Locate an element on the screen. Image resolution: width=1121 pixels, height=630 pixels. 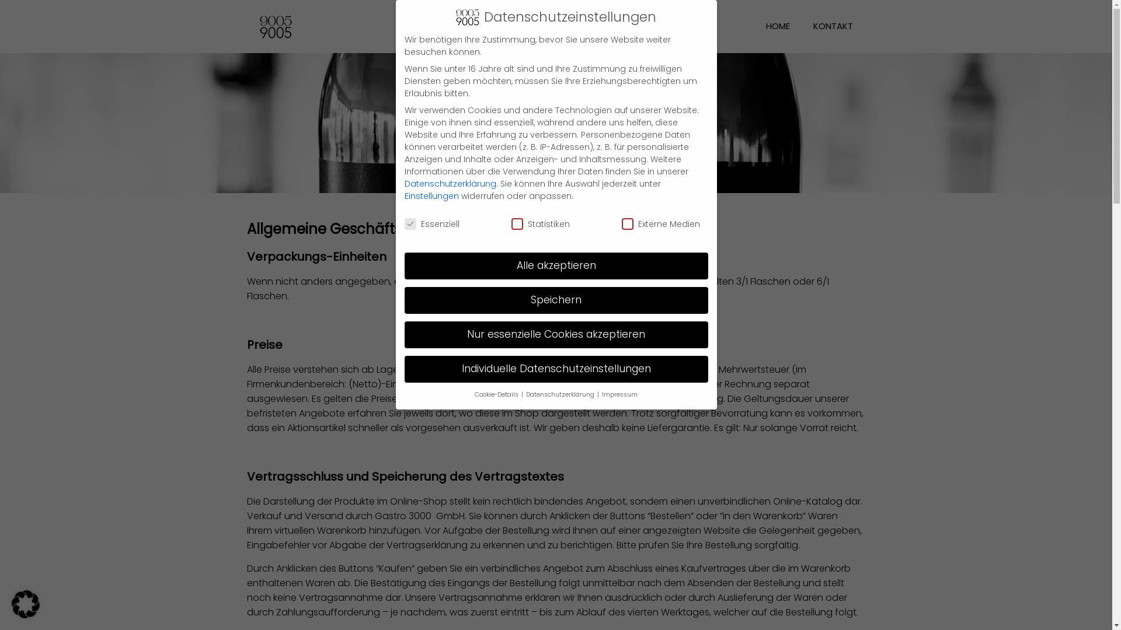
'9005.bar' is located at coordinates (259, 26).